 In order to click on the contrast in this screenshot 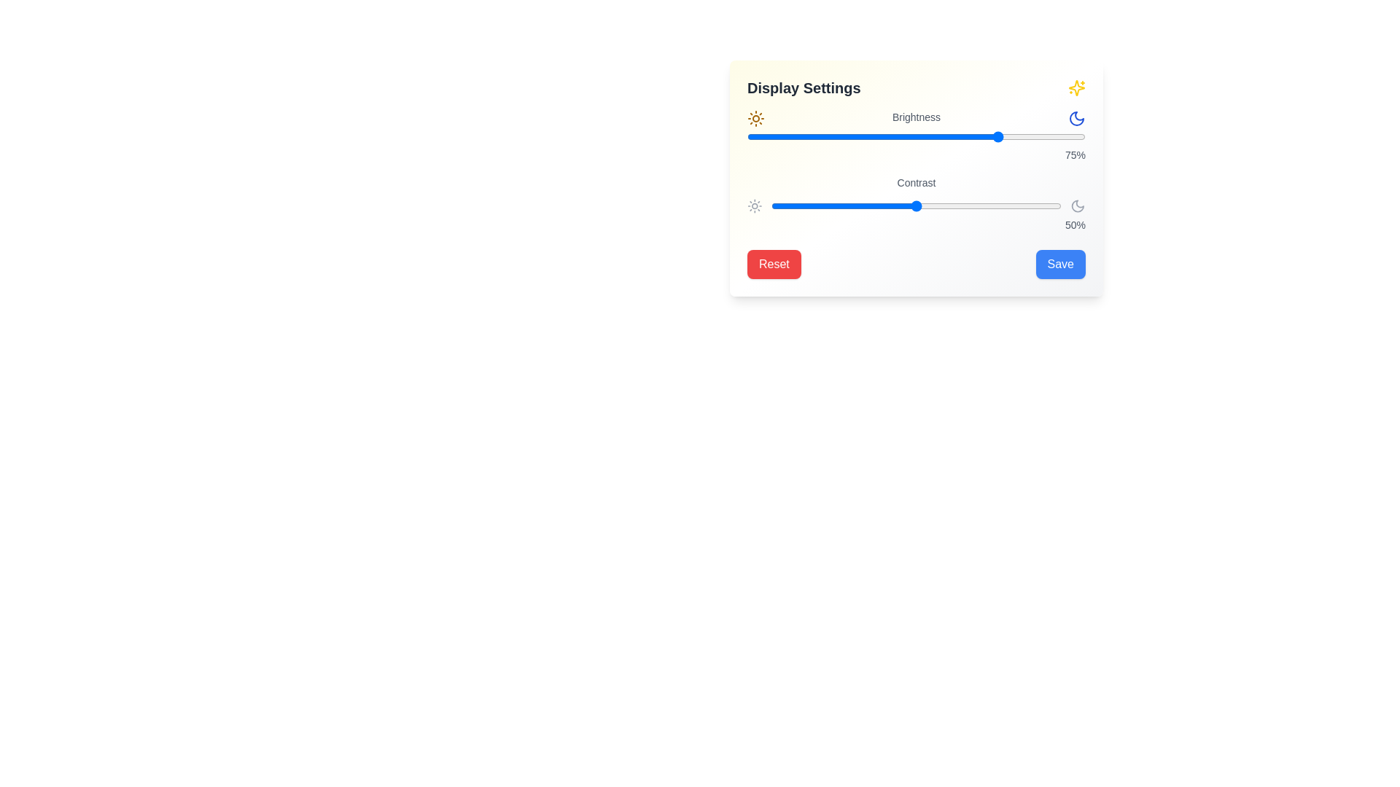, I will do `click(844, 205)`.